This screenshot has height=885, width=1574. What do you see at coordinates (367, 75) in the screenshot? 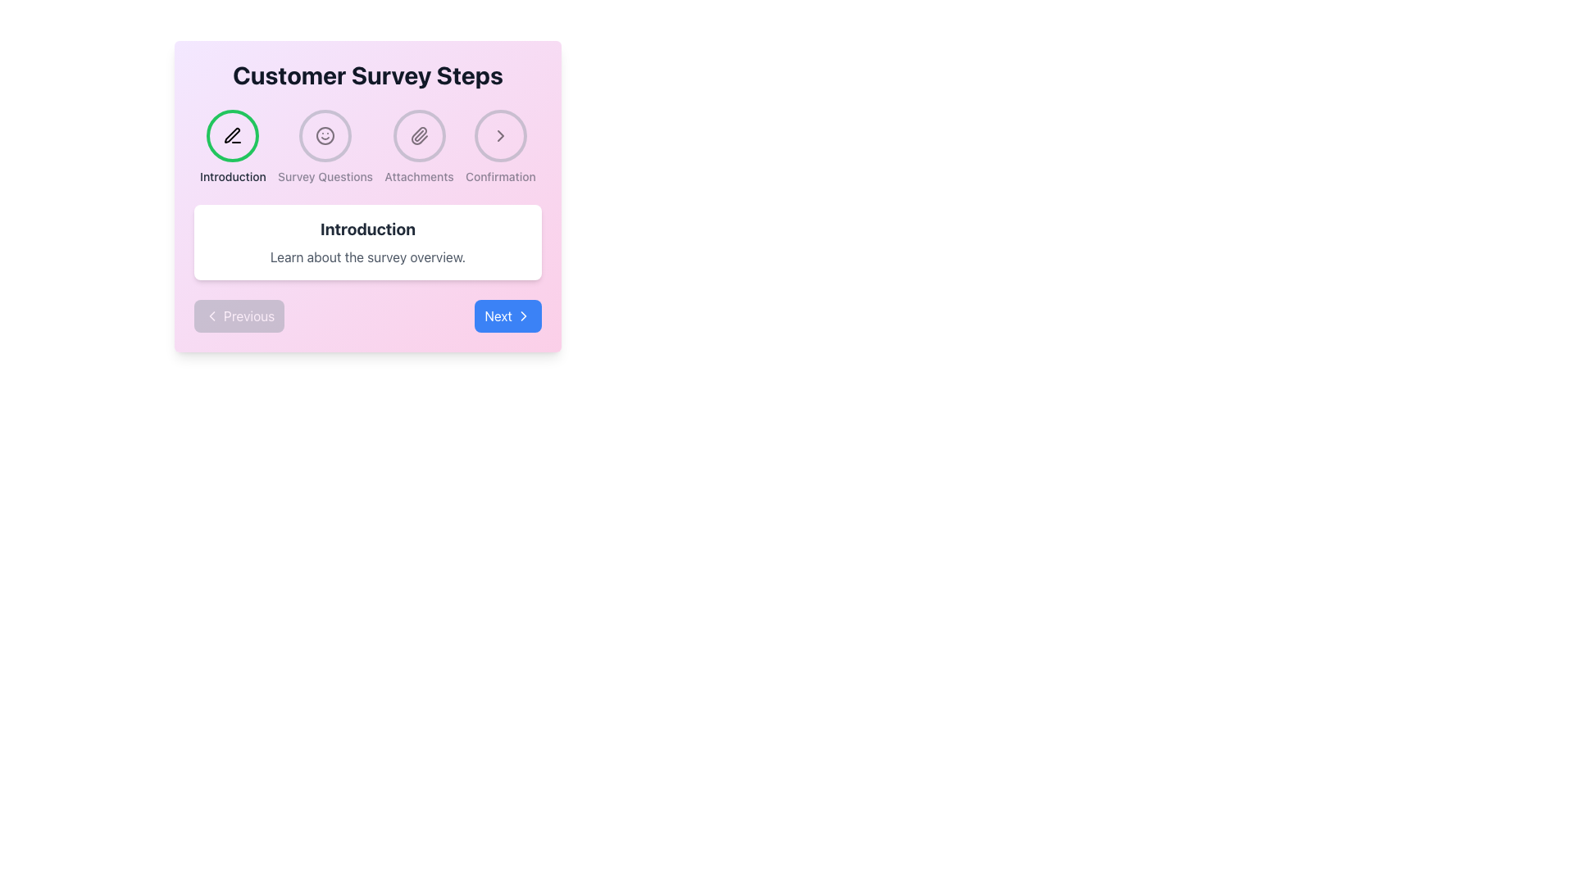
I see `the bold text label reading 'Customer Survey Steps' at the top of the module, which is centered horizontally` at bounding box center [367, 75].